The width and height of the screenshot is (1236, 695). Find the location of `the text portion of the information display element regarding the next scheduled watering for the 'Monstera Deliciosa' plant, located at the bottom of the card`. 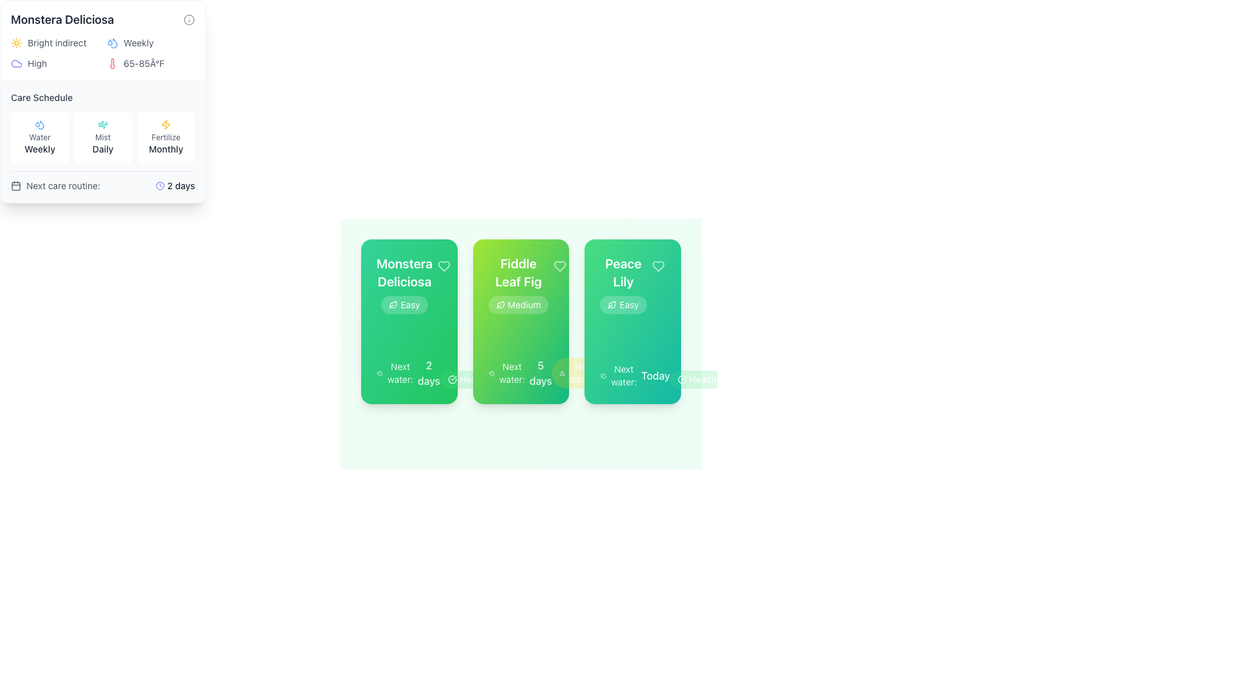

the text portion of the information display element regarding the next scheduled watering for the 'Monstera Deliciosa' plant, located at the bottom of the card is located at coordinates (408, 373).